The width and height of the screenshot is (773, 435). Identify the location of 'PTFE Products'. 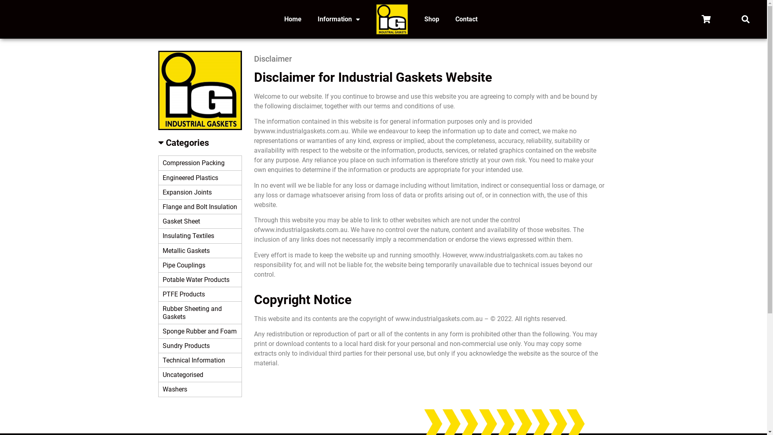
(158, 294).